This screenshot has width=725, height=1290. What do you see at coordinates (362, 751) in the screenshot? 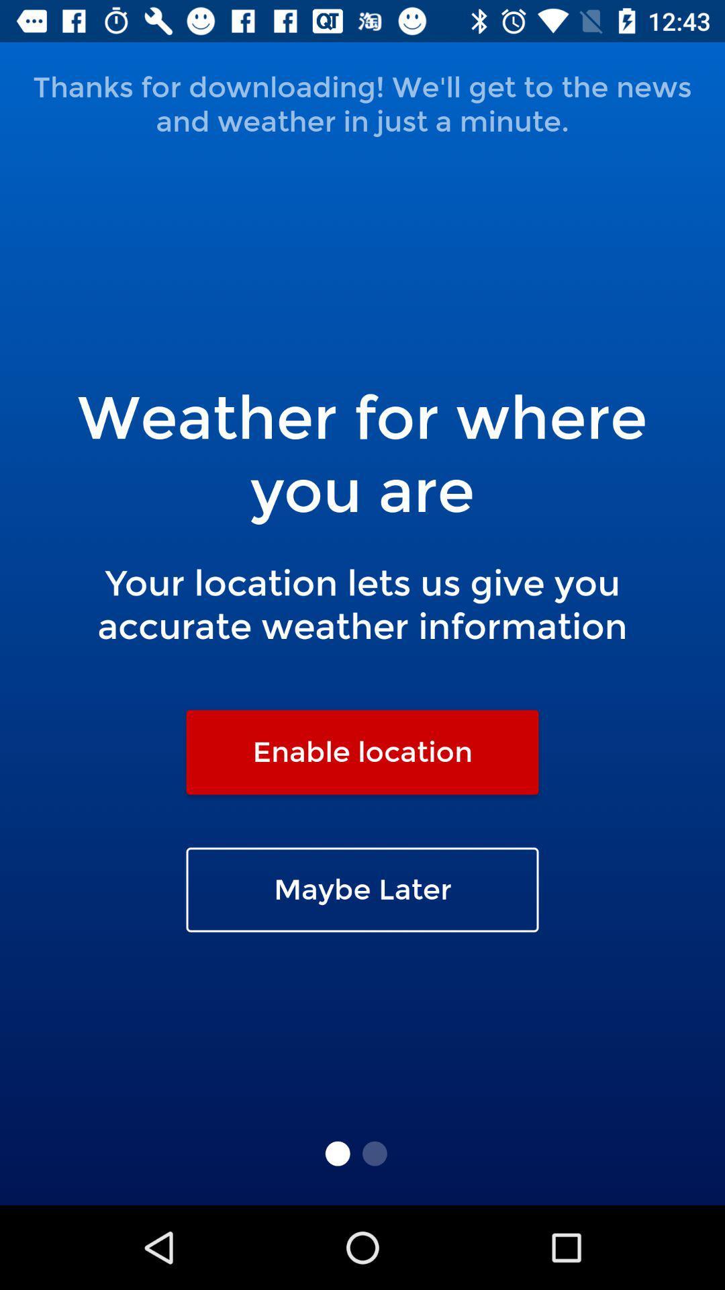
I see `enable location icon` at bounding box center [362, 751].